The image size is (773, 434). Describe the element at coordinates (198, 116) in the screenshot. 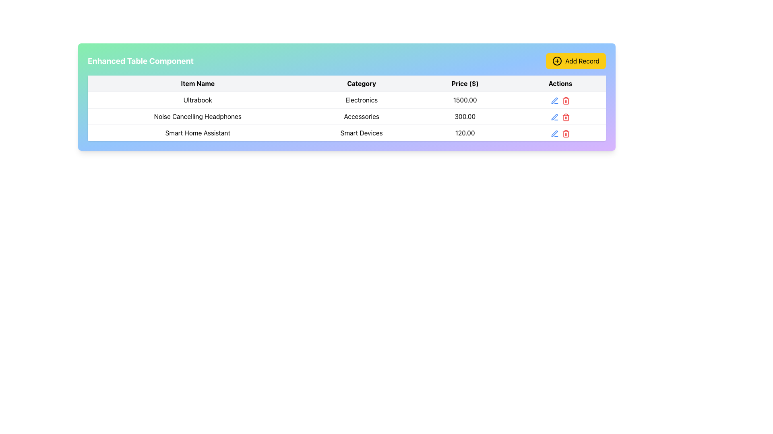

I see `text of the label displaying the item name 'Noise Cancelling Headphones', which is located under the 'Item Name' column in the second row of the table` at that location.